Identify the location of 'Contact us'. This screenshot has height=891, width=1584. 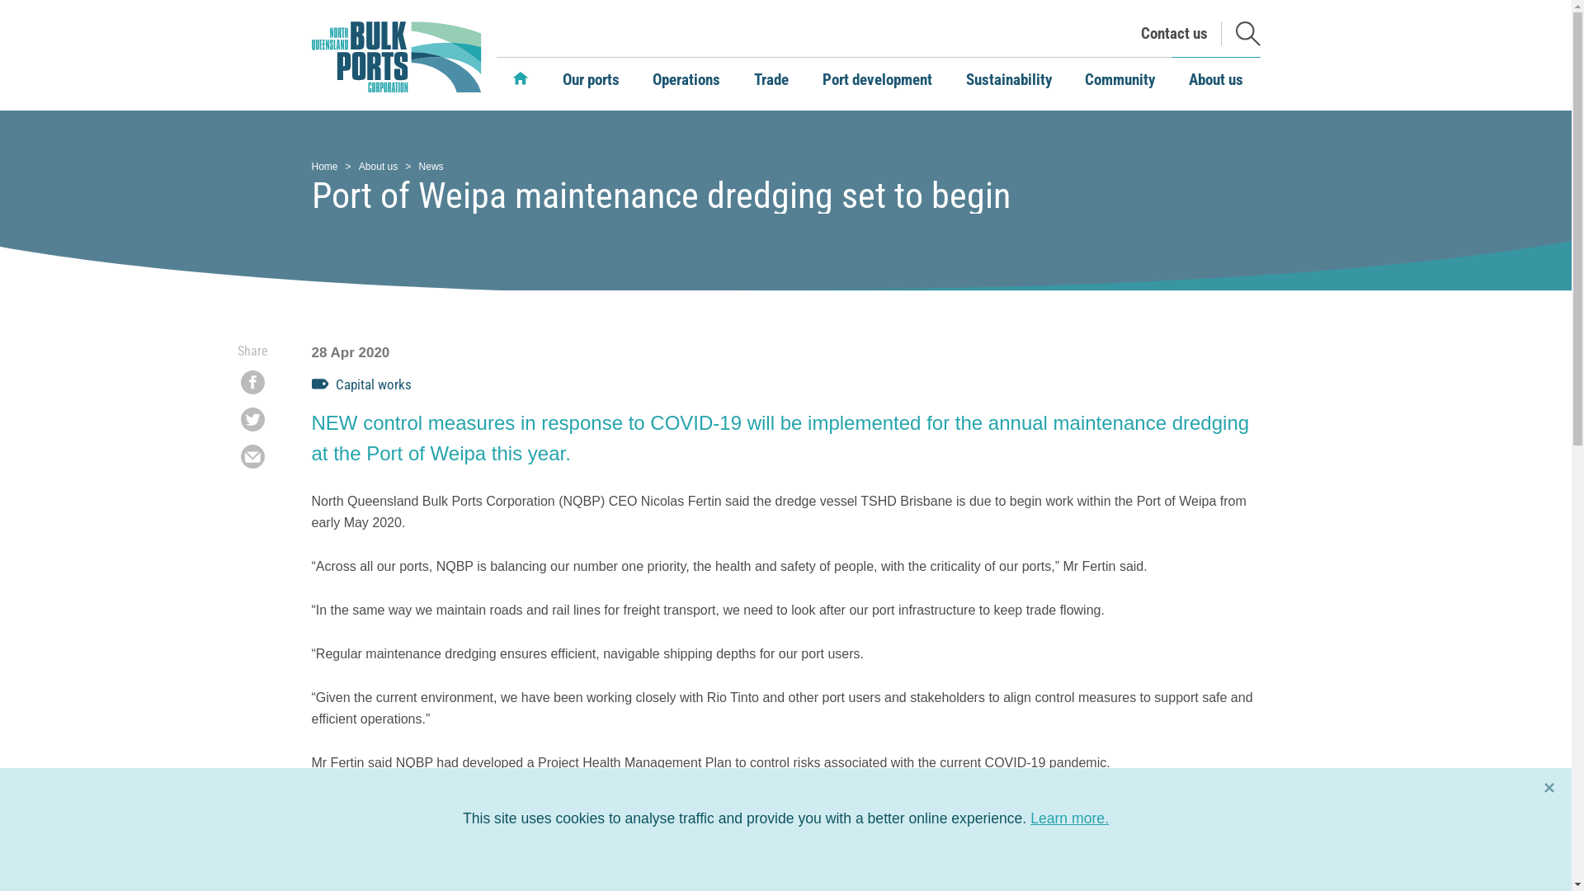
(1172, 34).